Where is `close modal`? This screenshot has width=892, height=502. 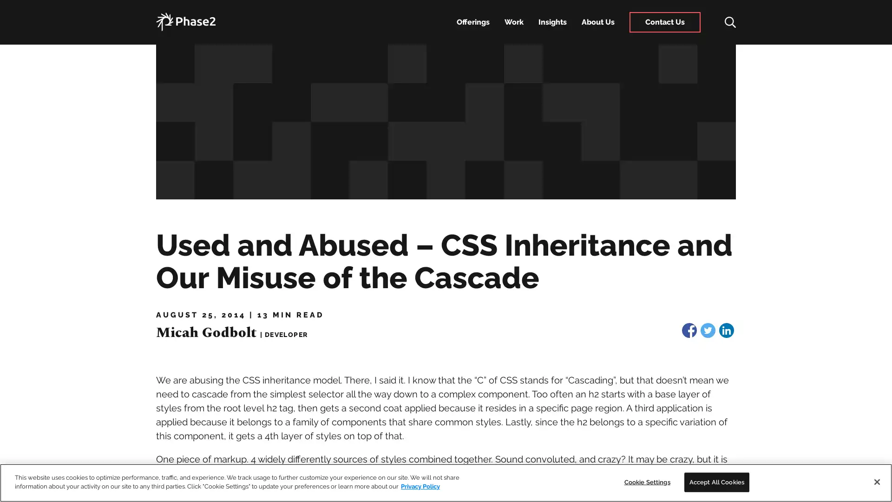
close modal is located at coordinates (876, 14).